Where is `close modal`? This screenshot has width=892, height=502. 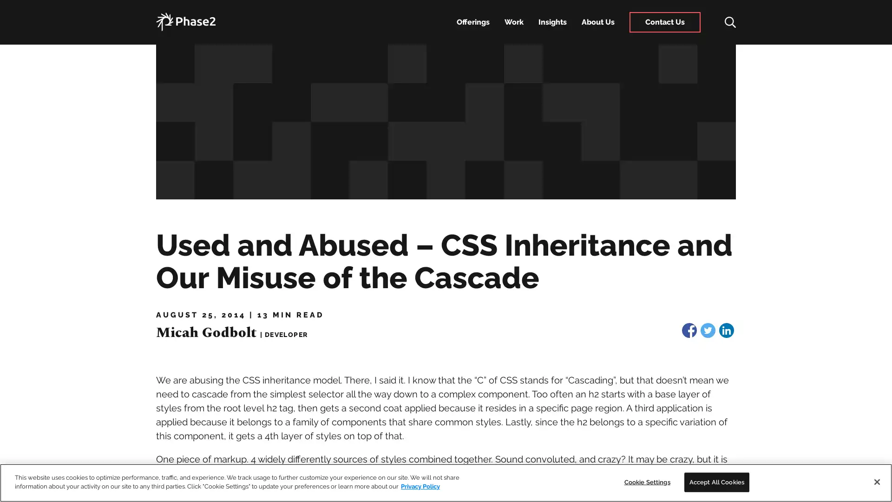
close modal is located at coordinates (876, 14).